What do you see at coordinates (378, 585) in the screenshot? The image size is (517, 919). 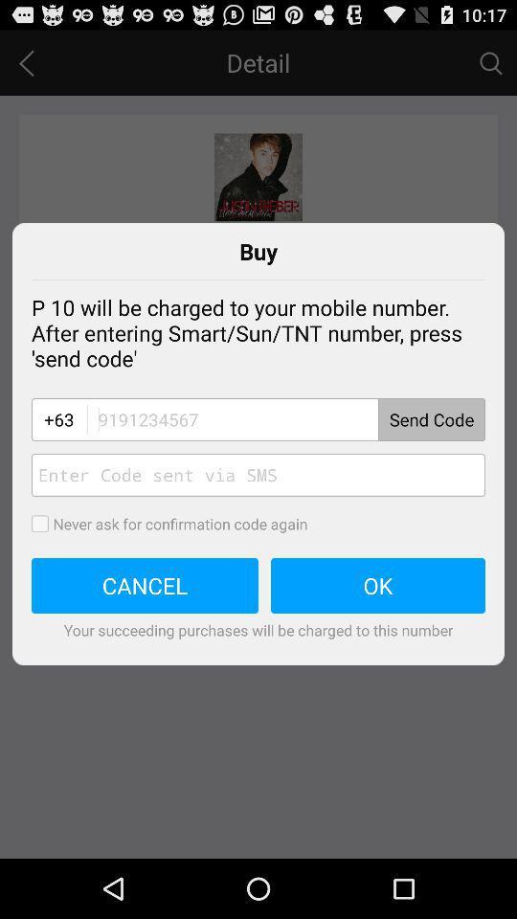 I see `the icon above the your succeeding purchases app` at bounding box center [378, 585].